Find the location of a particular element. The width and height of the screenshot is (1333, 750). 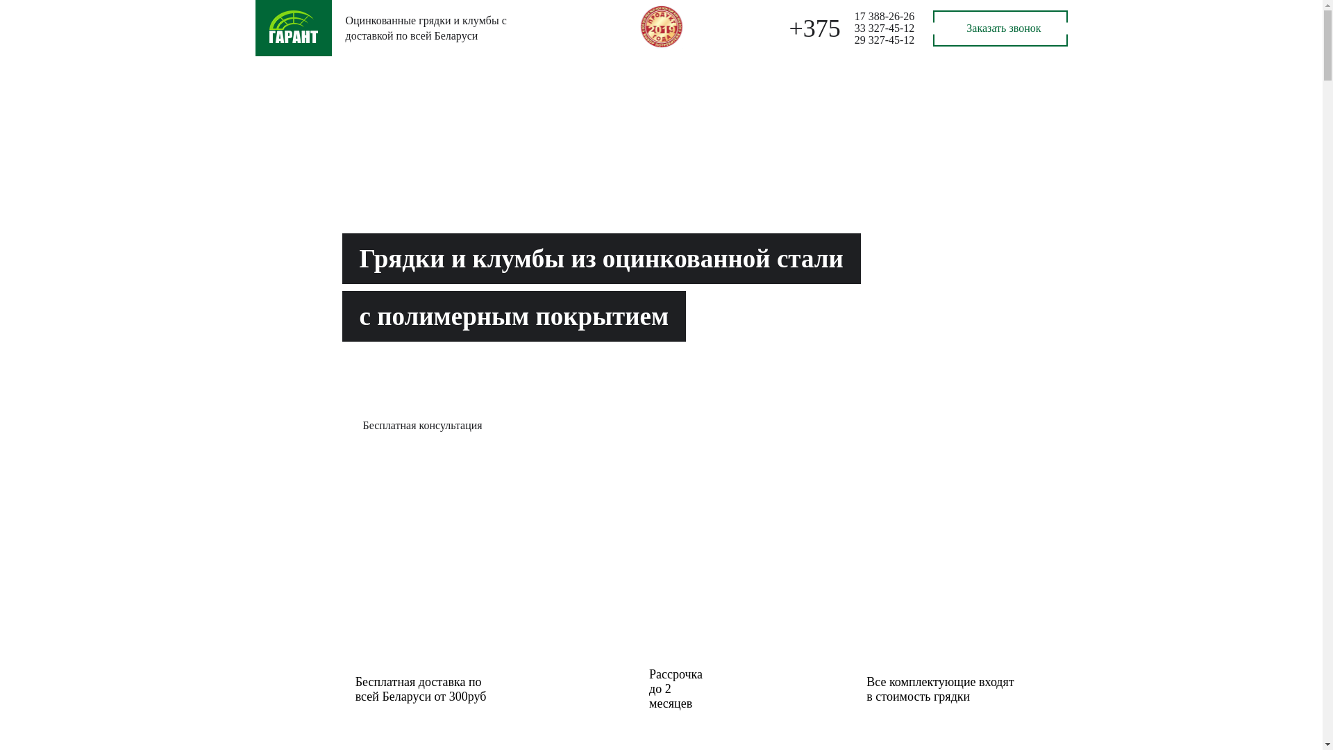

'29 327-45-12' is located at coordinates (884, 39).